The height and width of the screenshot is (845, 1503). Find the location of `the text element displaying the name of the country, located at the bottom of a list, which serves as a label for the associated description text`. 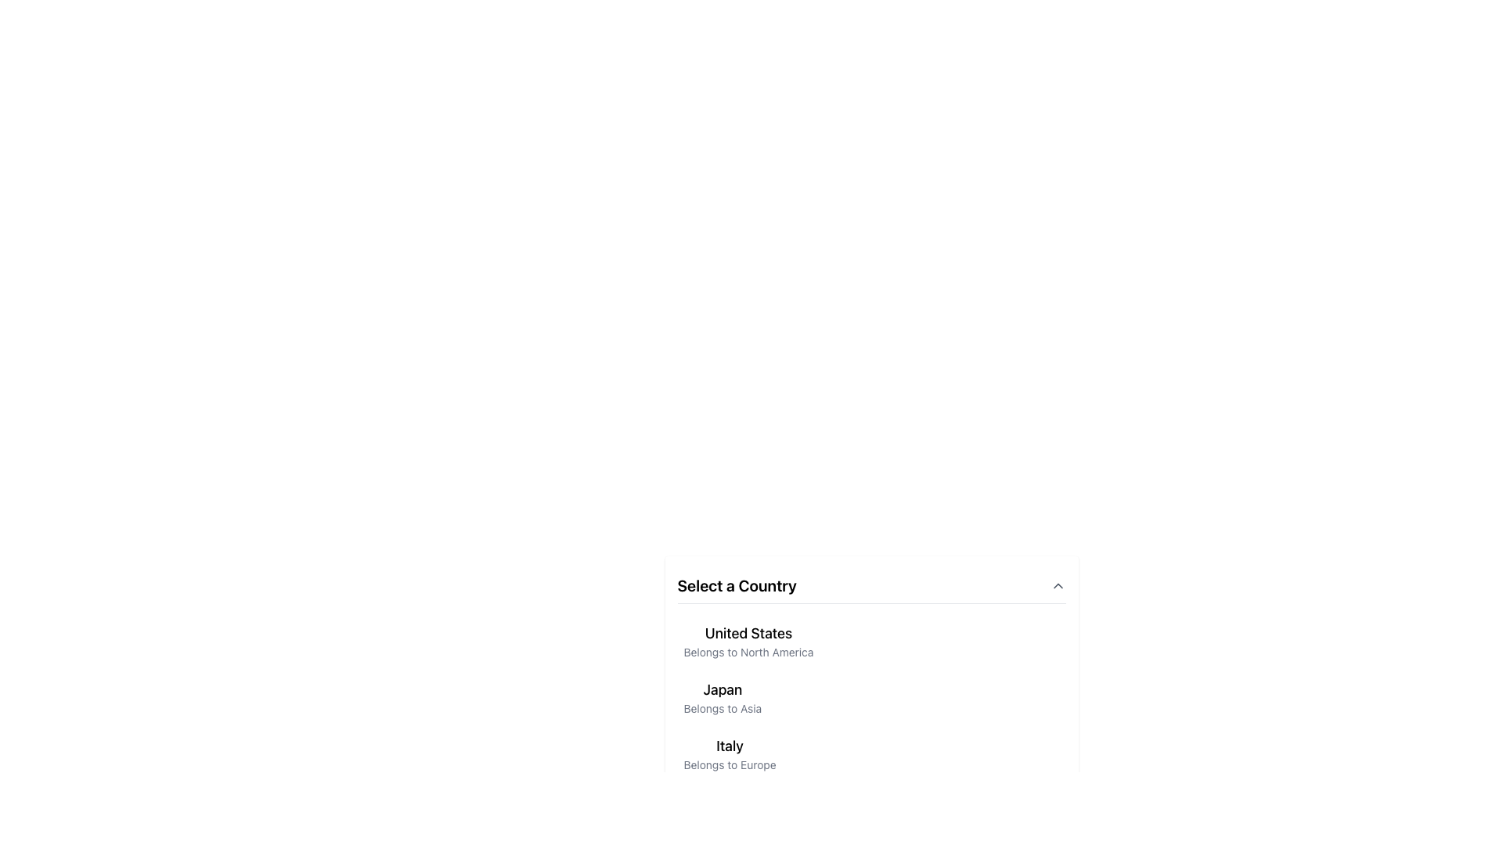

the text element displaying the name of the country, located at the bottom of a list, which serves as a label for the associated description text is located at coordinates (729, 745).